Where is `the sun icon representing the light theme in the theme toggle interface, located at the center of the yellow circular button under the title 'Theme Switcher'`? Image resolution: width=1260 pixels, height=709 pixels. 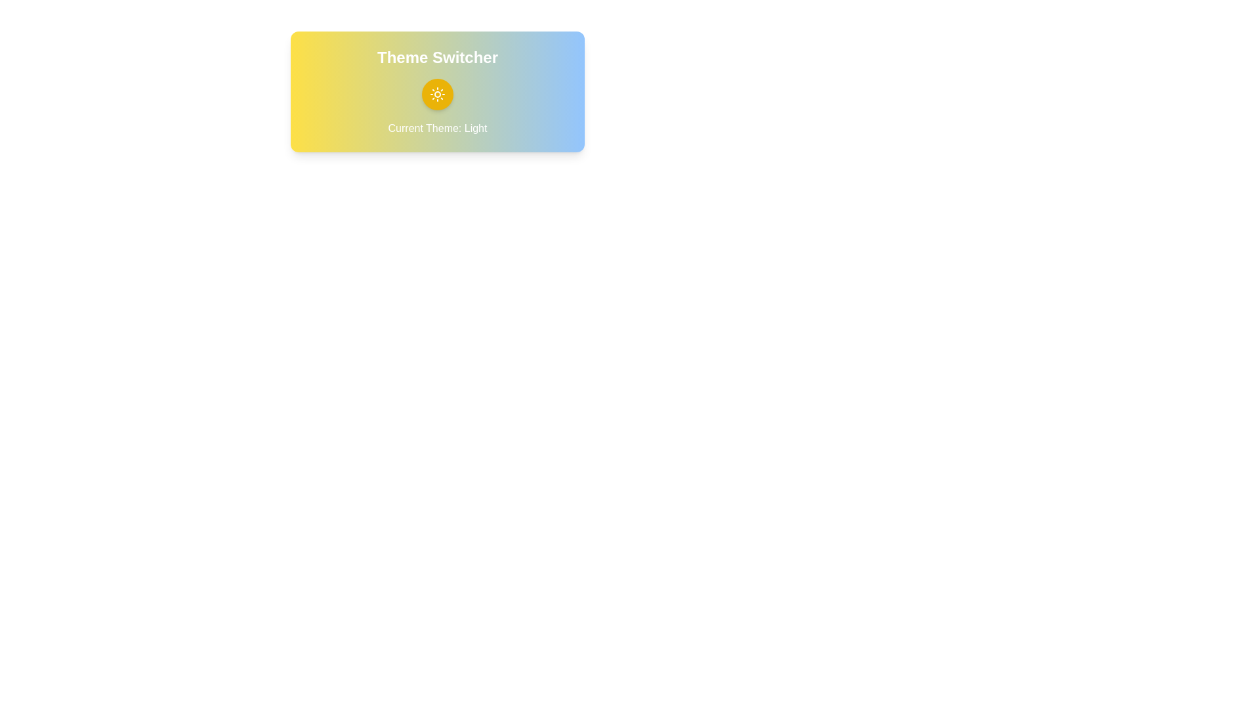 the sun icon representing the light theme in the theme toggle interface, located at the center of the yellow circular button under the title 'Theme Switcher' is located at coordinates (438, 93).